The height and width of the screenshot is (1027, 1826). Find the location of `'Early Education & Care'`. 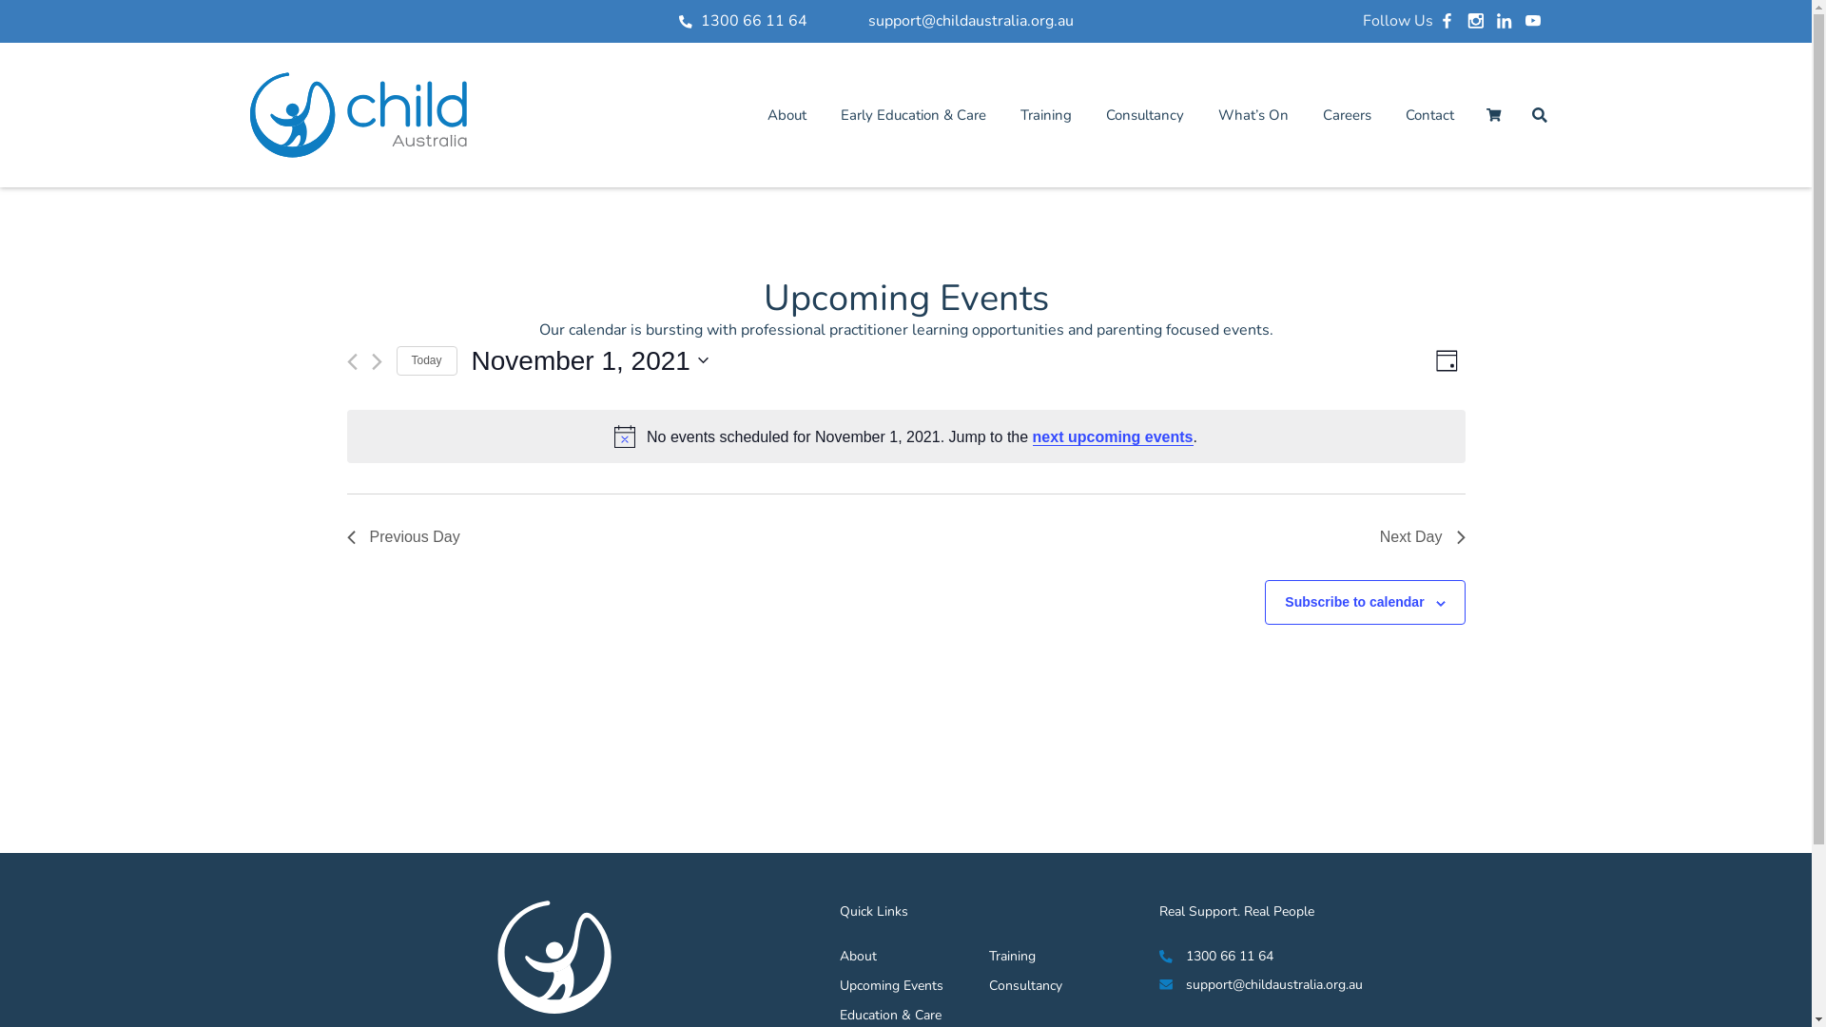

'Early Education & Care' is located at coordinates (913, 114).